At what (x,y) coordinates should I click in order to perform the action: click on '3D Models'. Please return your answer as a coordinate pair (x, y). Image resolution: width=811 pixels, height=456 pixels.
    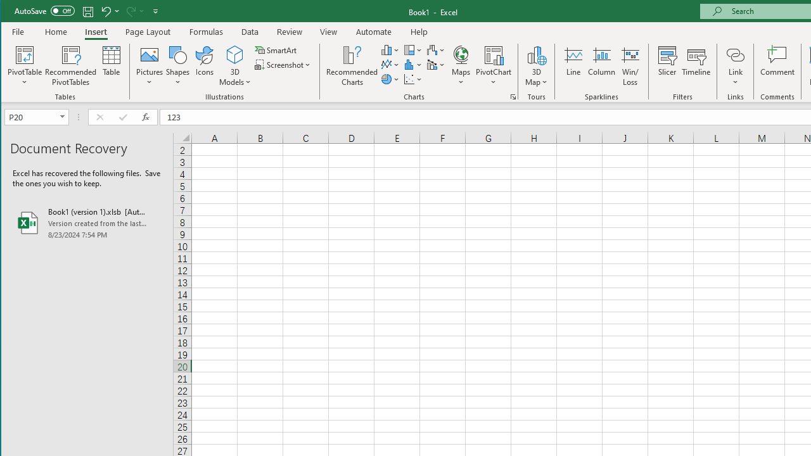
    Looking at the image, I should click on (235, 54).